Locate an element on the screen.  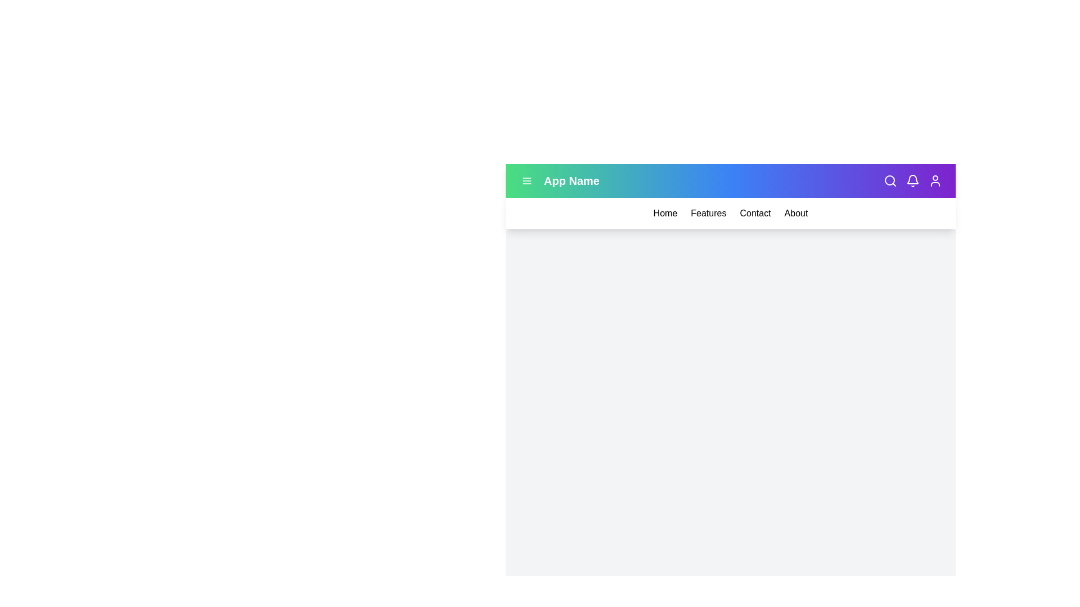
the bell icon to view notifications is located at coordinates (912, 180).